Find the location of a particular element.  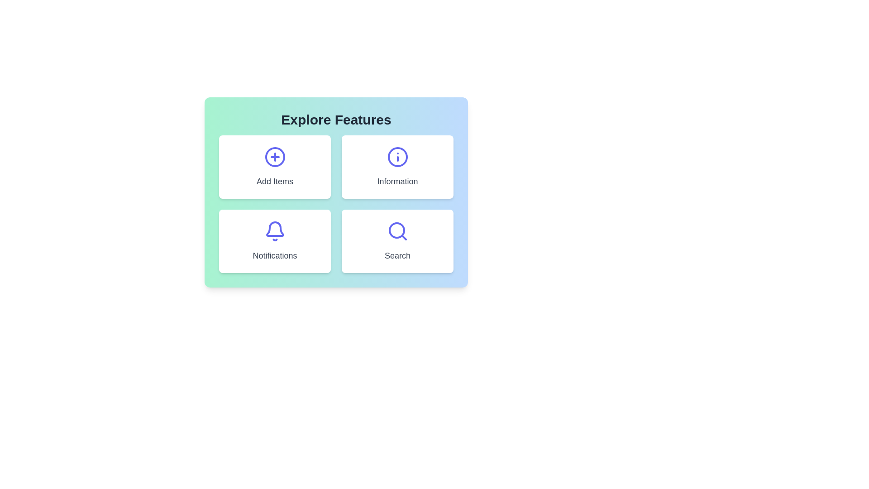

the circular shape of the 'info' icon located in the top-right card of the 'Information' grid in the 'Explore Features' section is located at coordinates (397, 157).